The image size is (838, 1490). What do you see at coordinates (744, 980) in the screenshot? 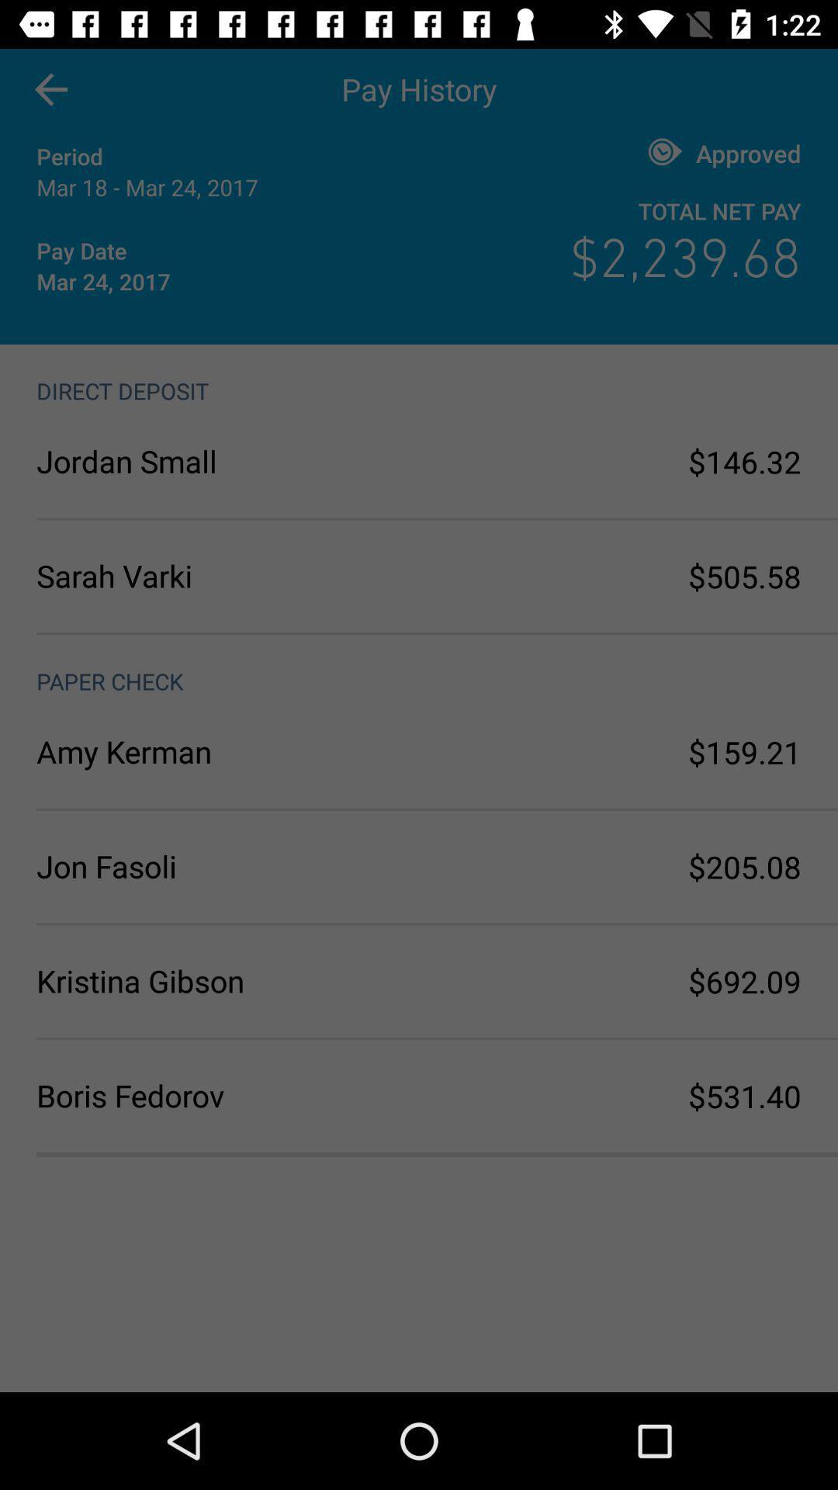
I see `item above the $531.40 item` at bounding box center [744, 980].